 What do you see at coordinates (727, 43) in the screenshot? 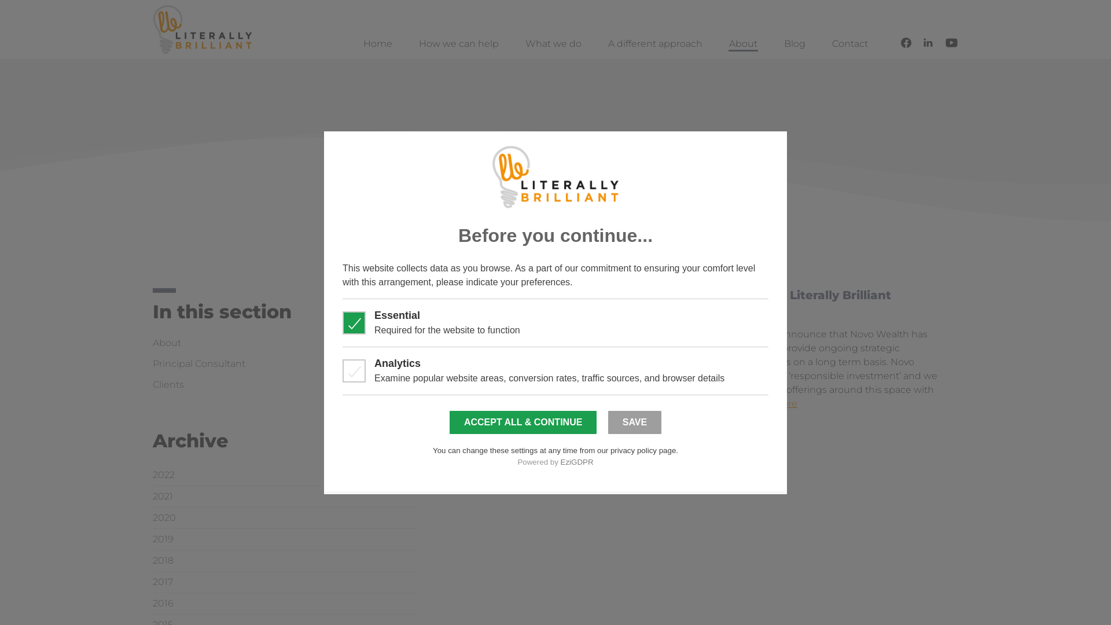
I see `'About'` at bounding box center [727, 43].